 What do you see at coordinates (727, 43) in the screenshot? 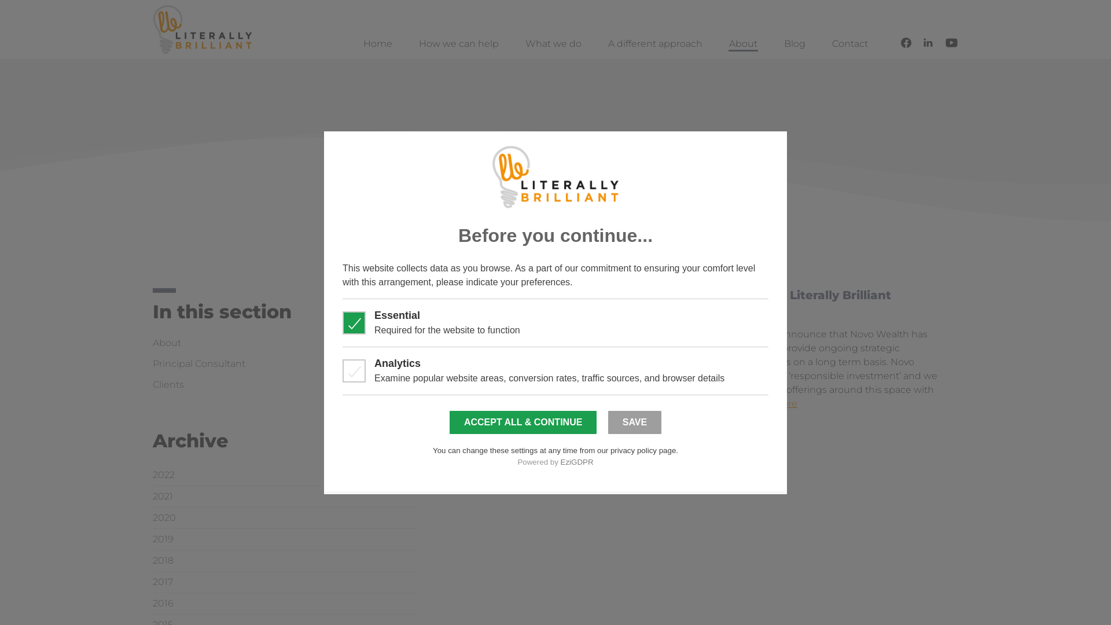
I see `'About'` at bounding box center [727, 43].